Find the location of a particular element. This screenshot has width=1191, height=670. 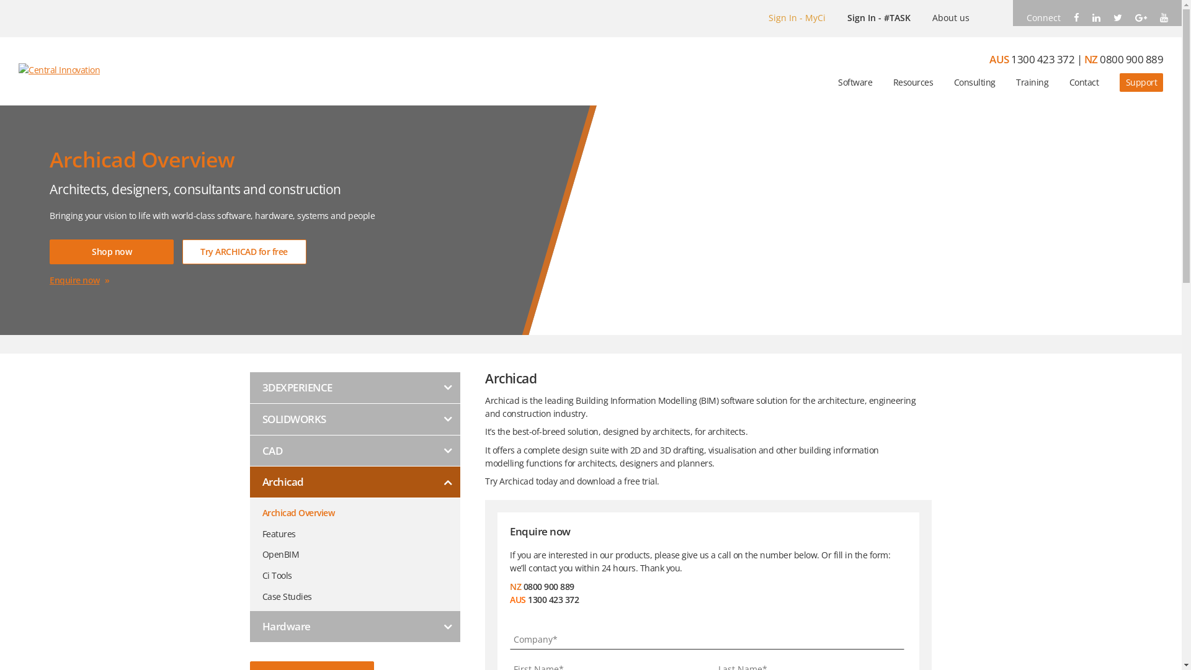

'Training' is located at coordinates (1032, 82).